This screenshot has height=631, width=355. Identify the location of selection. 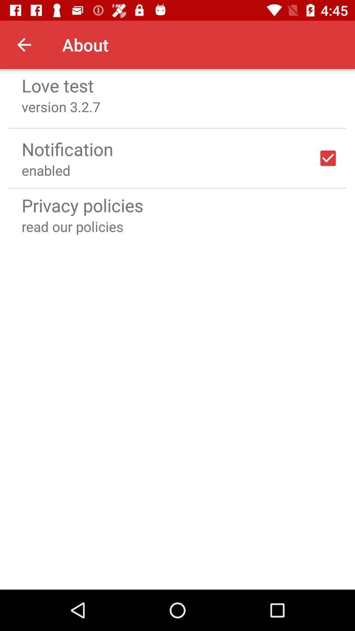
(328, 158).